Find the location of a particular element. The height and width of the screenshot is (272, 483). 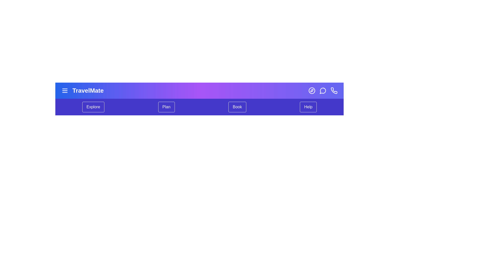

the 'Book' menu item is located at coordinates (237, 107).